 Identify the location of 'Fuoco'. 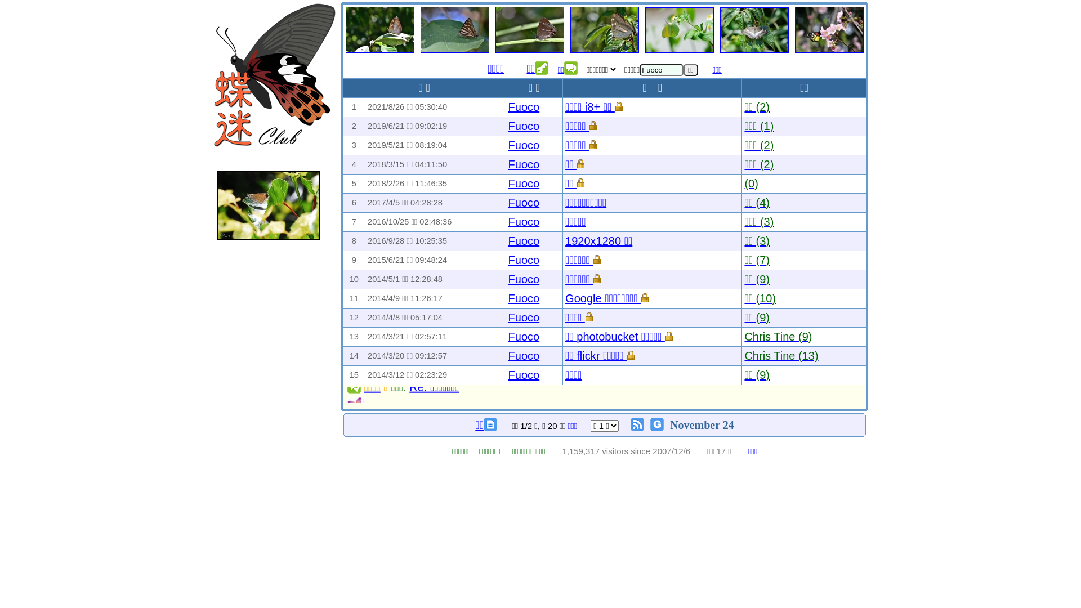
(507, 221).